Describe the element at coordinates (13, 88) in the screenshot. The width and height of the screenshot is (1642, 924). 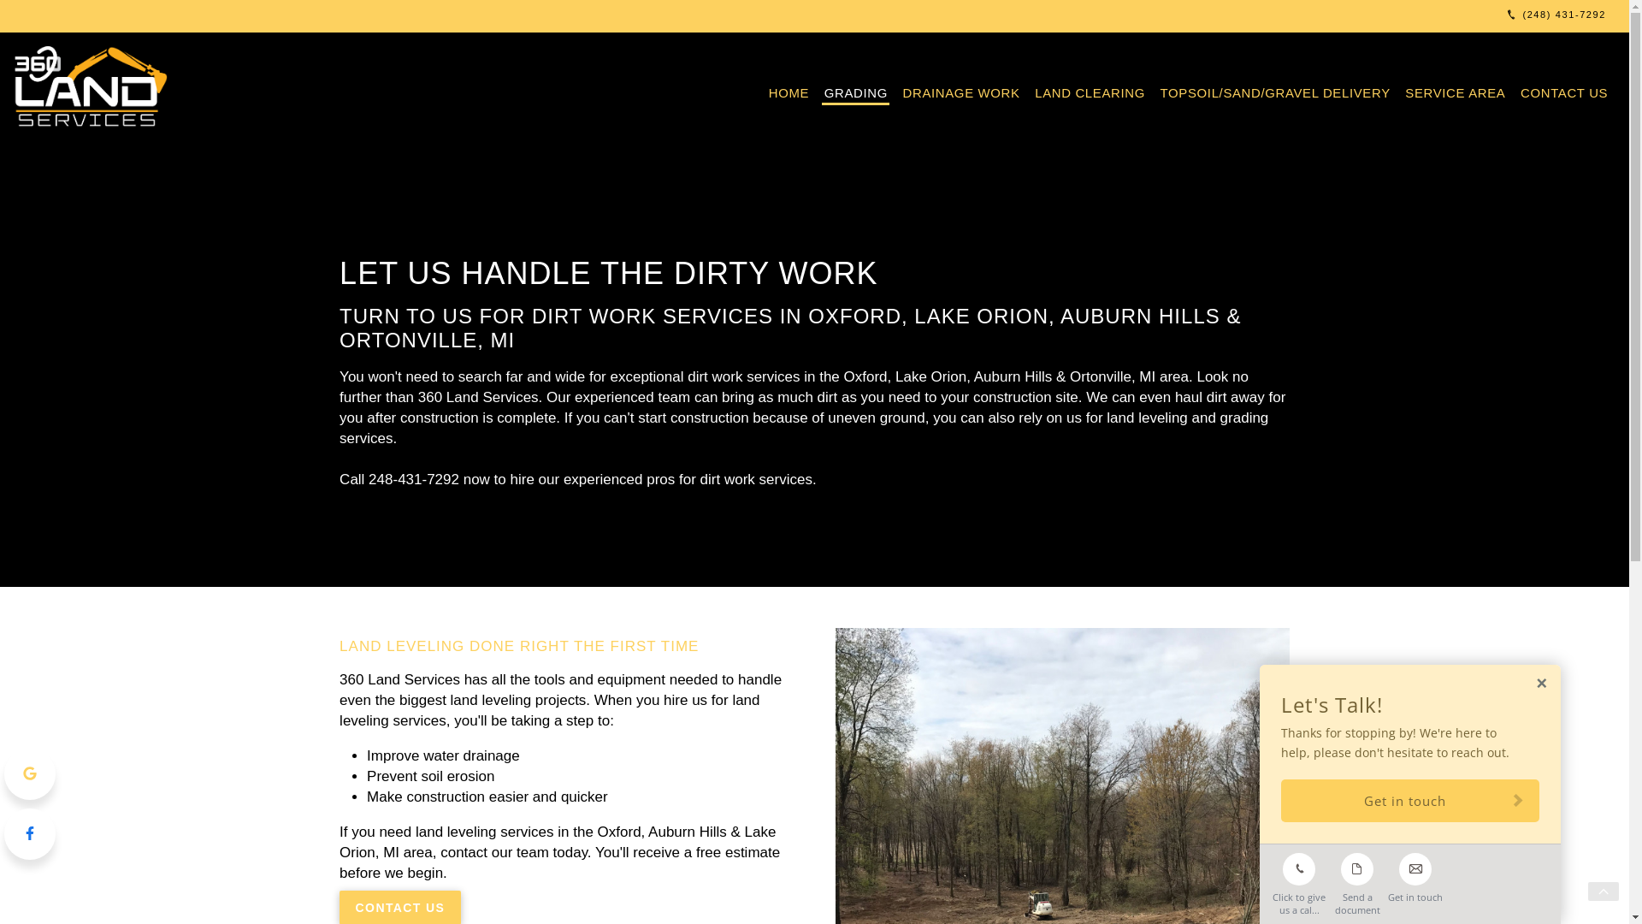
I see `'360 Land Services'` at that location.